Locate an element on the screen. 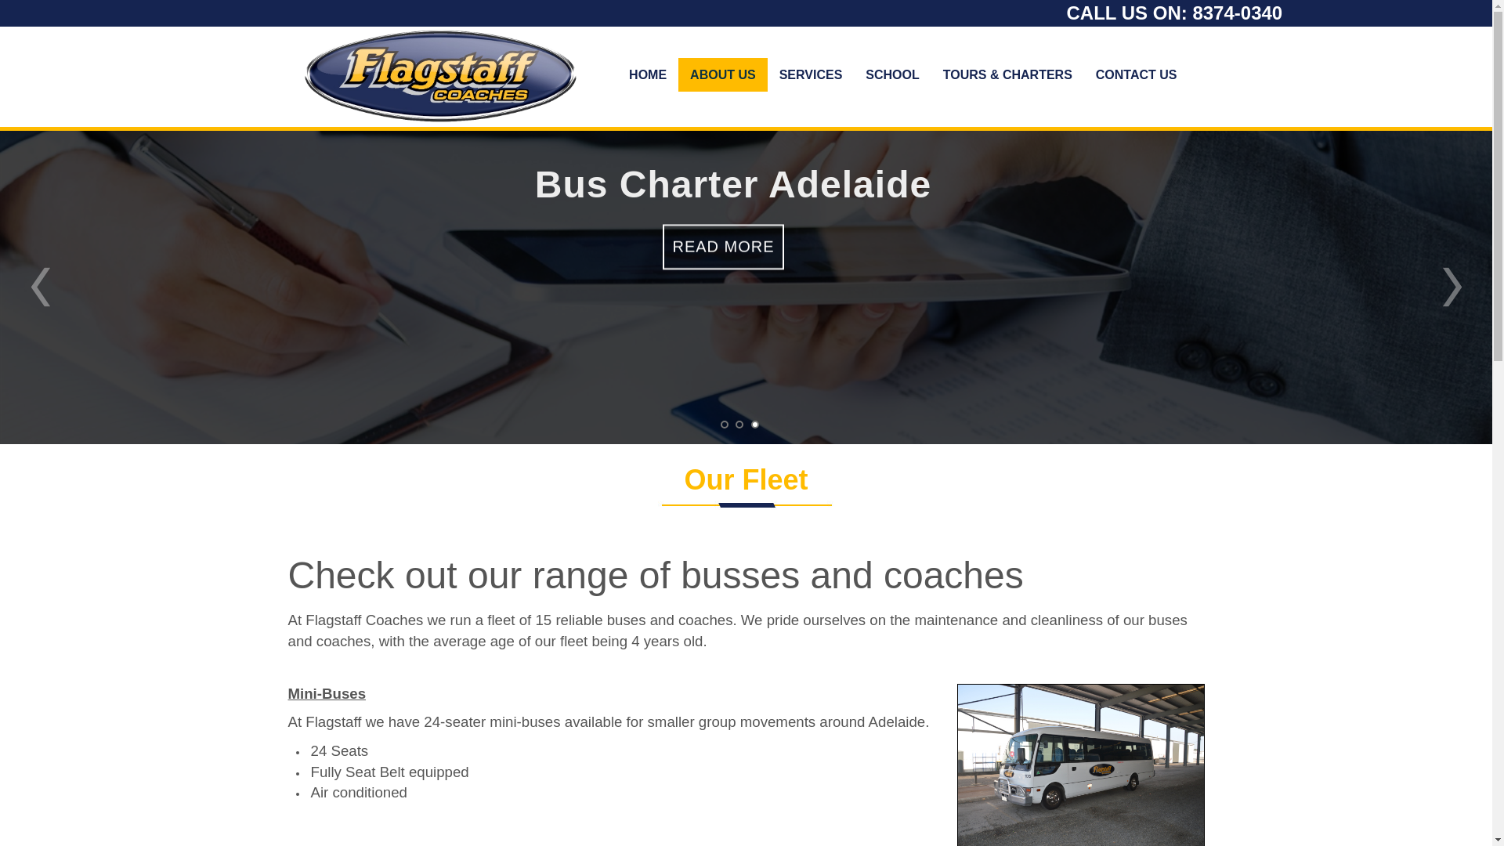 This screenshot has height=846, width=1504. 'SERVICES' is located at coordinates (811, 74).